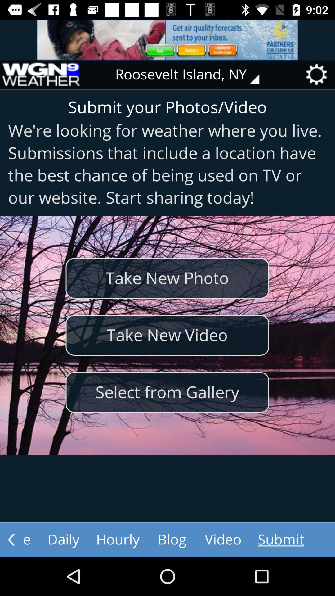 This screenshot has height=596, width=335. What do you see at coordinates (191, 74) in the screenshot?
I see `roosevelt island, ny icon` at bounding box center [191, 74].